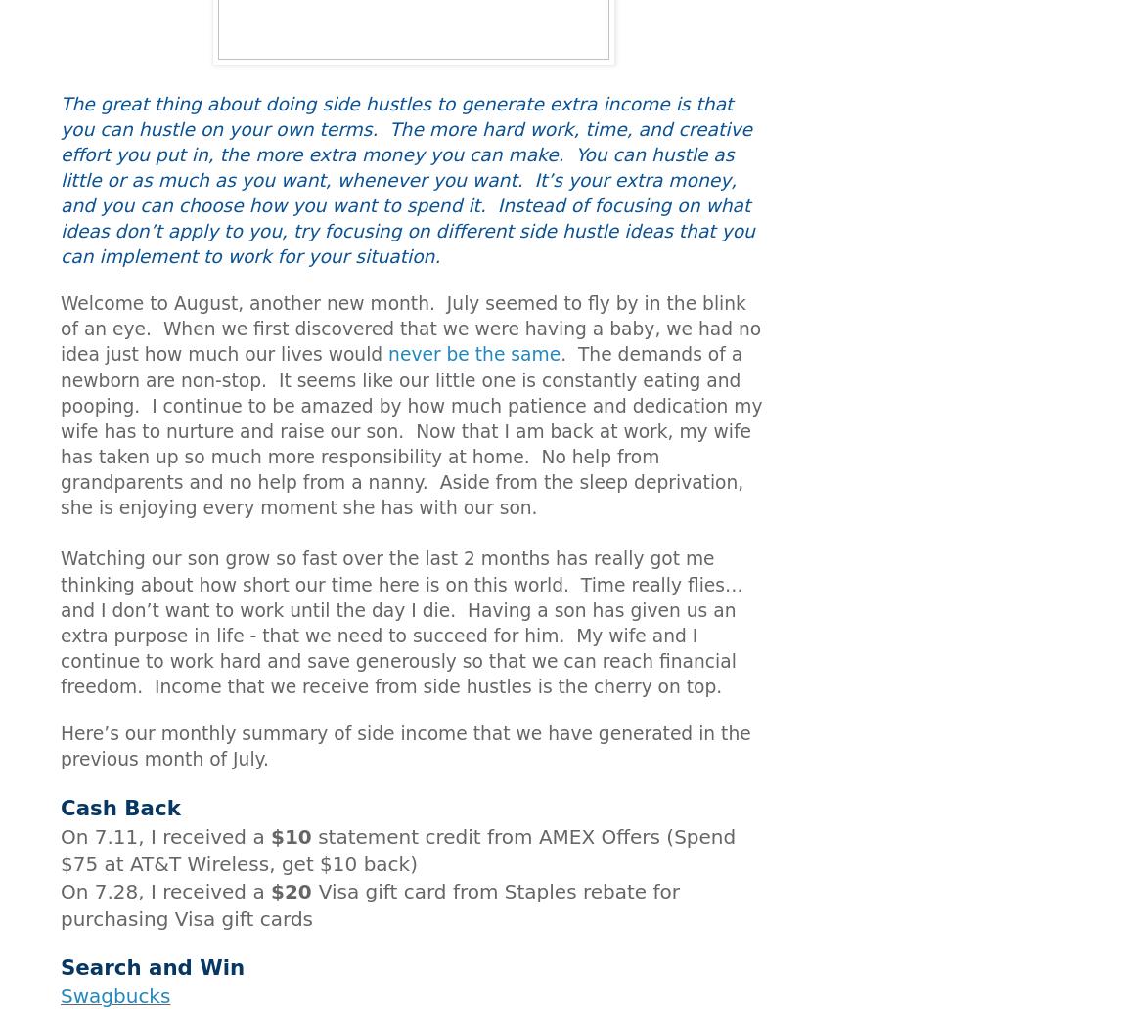 This screenshot has width=1123, height=1009. I want to click on 'Search and Win', so click(153, 966).